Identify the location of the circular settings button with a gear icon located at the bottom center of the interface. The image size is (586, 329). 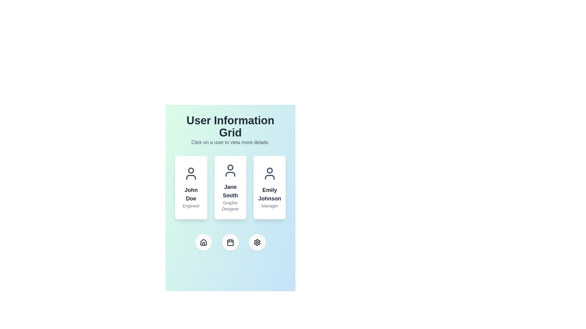
(257, 242).